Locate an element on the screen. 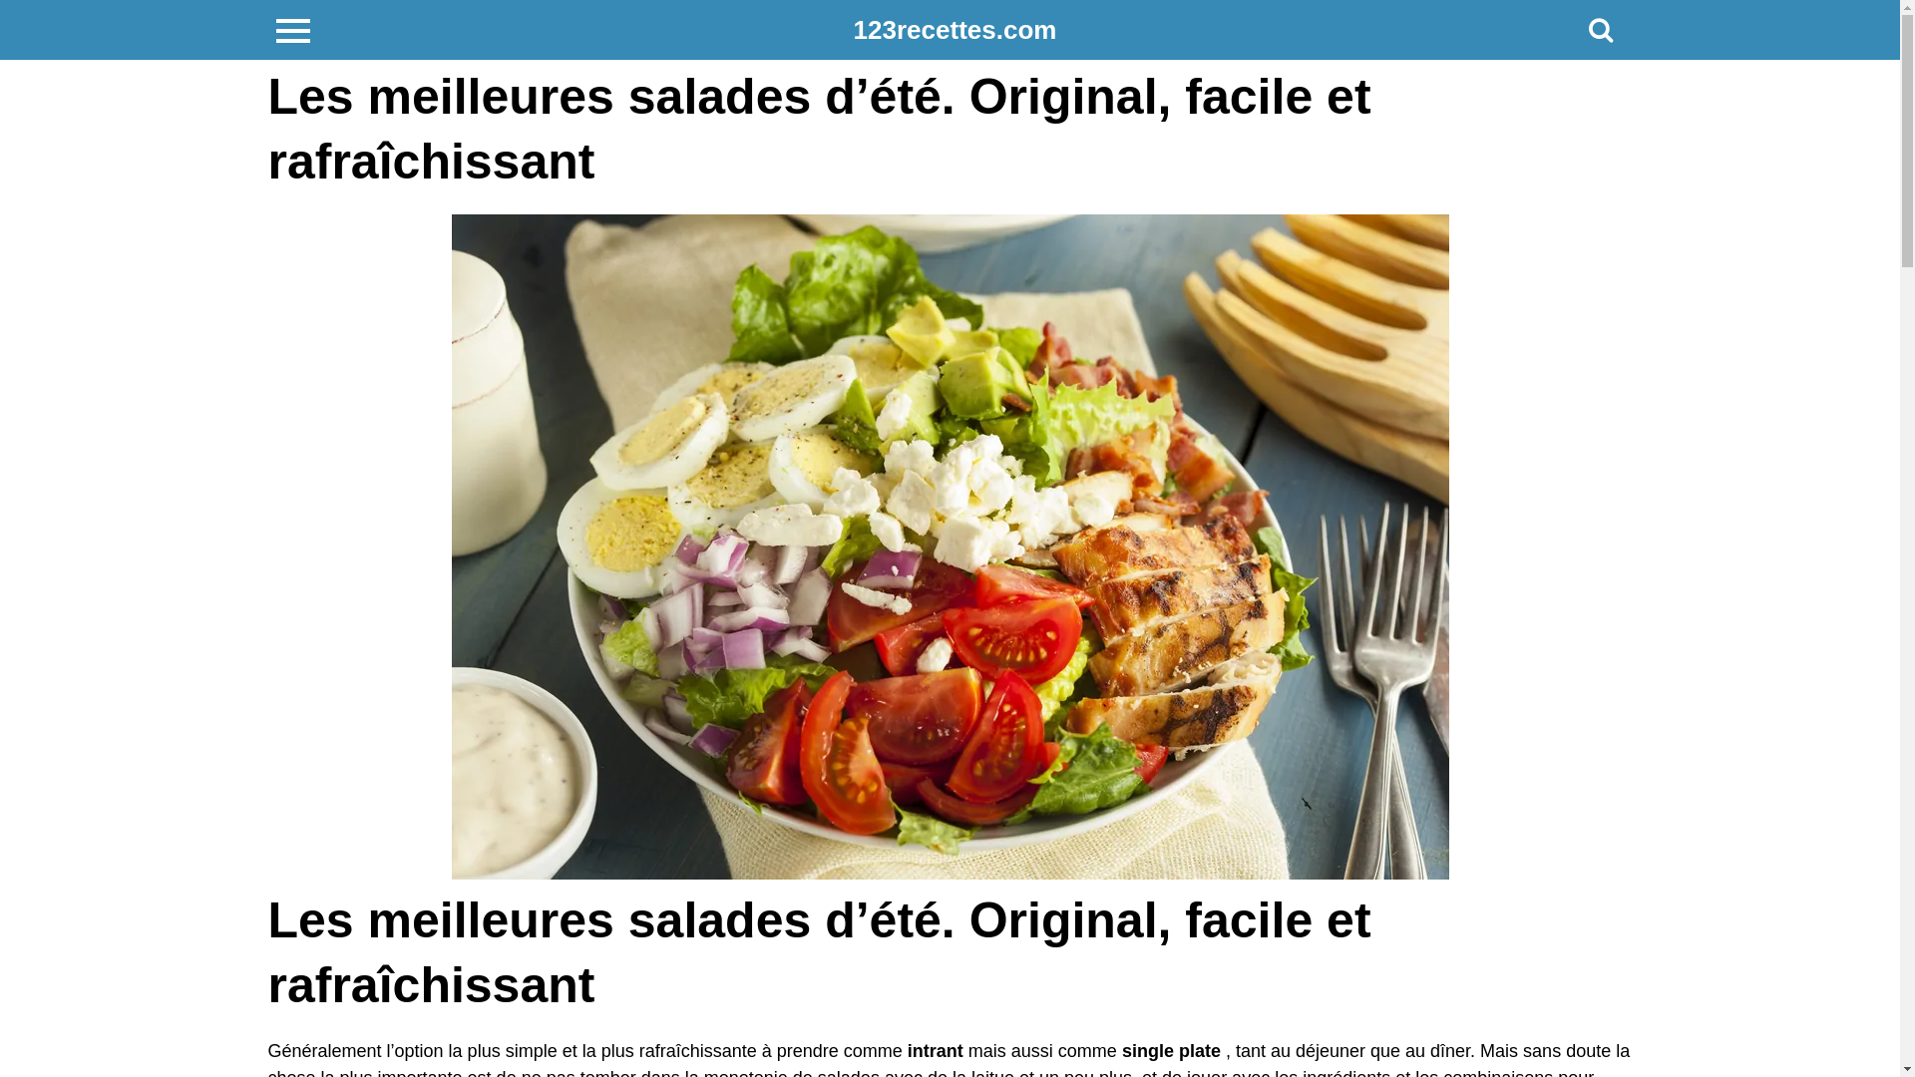 The width and height of the screenshot is (1915, 1077). '123recettes.com' is located at coordinates (853, 30).